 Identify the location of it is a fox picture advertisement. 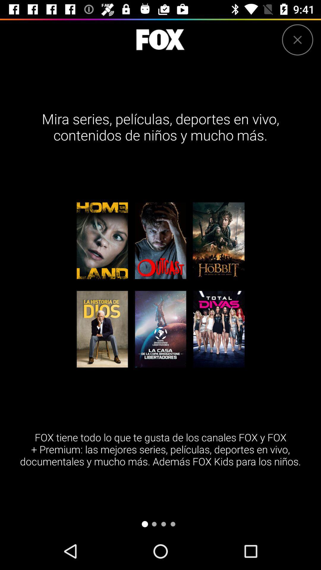
(160, 39).